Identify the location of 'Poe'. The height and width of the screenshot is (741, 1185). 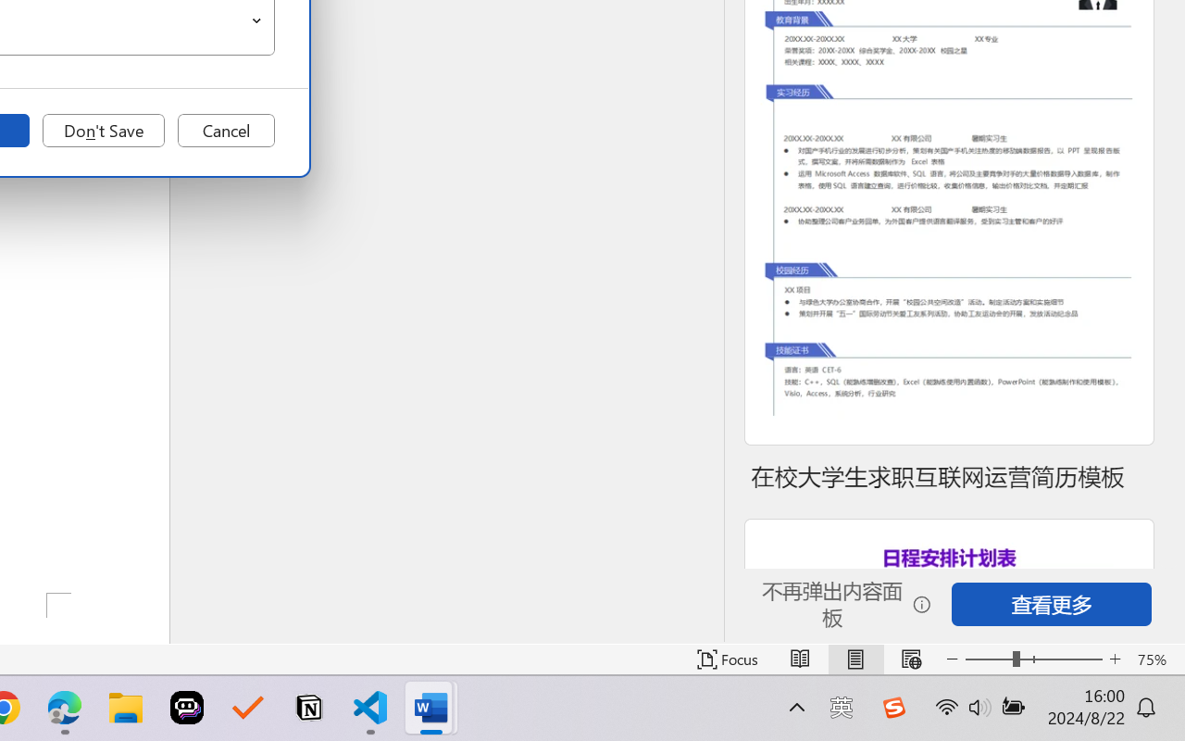
(187, 708).